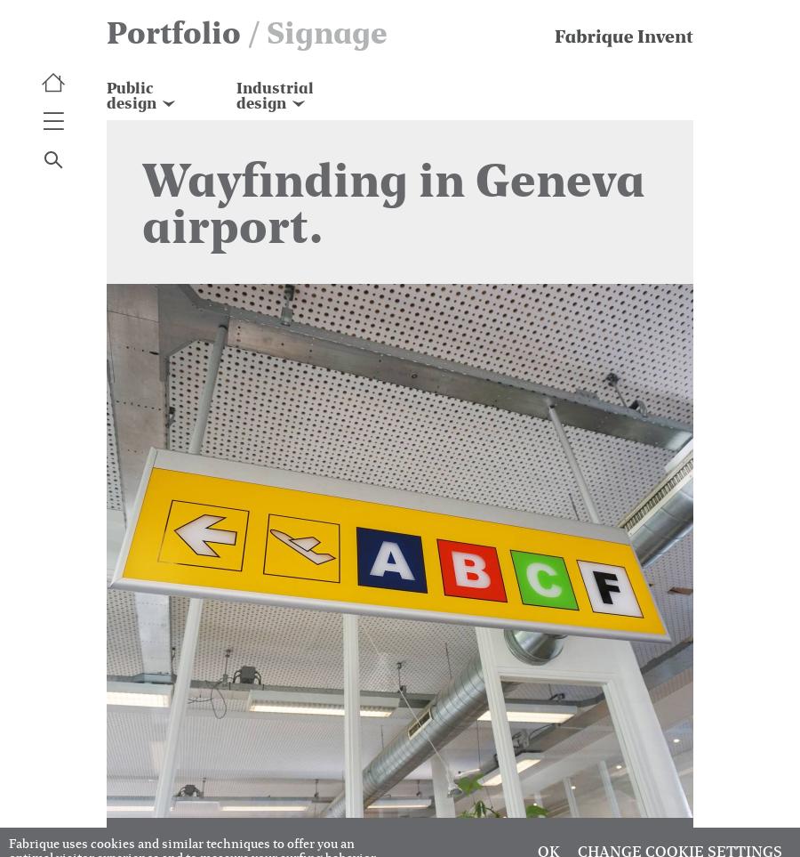  What do you see at coordinates (131, 93) in the screenshot?
I see `'Public design'` at bounding box center [131, 93].